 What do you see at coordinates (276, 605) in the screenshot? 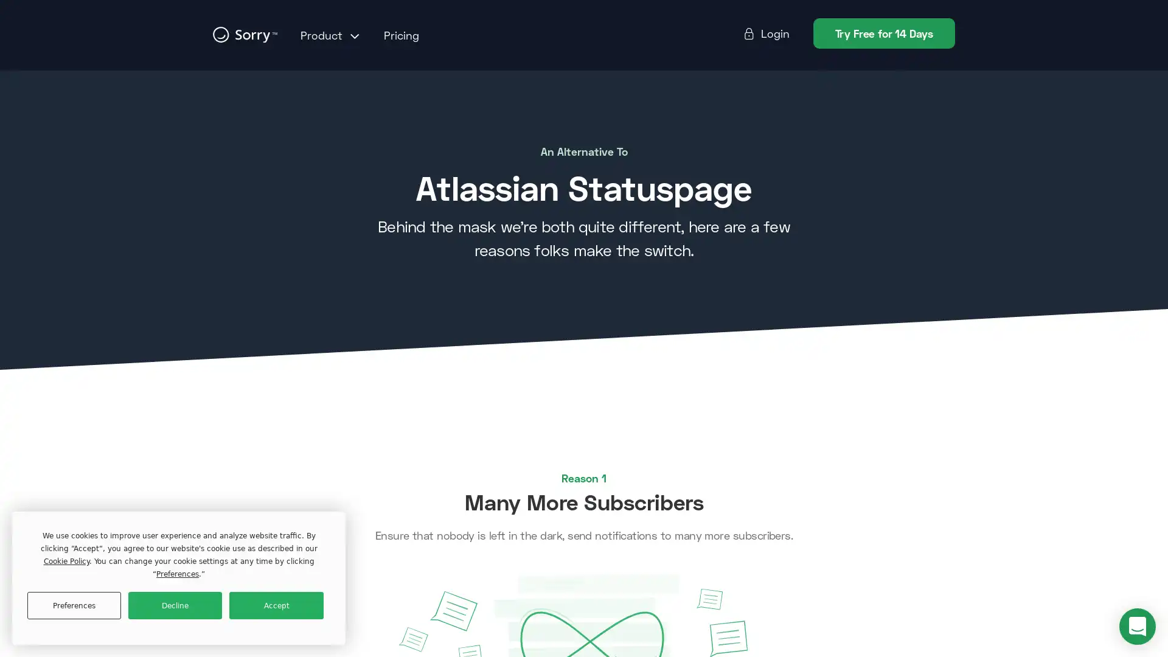
I see `Accept` at bounding box center [276, 605].